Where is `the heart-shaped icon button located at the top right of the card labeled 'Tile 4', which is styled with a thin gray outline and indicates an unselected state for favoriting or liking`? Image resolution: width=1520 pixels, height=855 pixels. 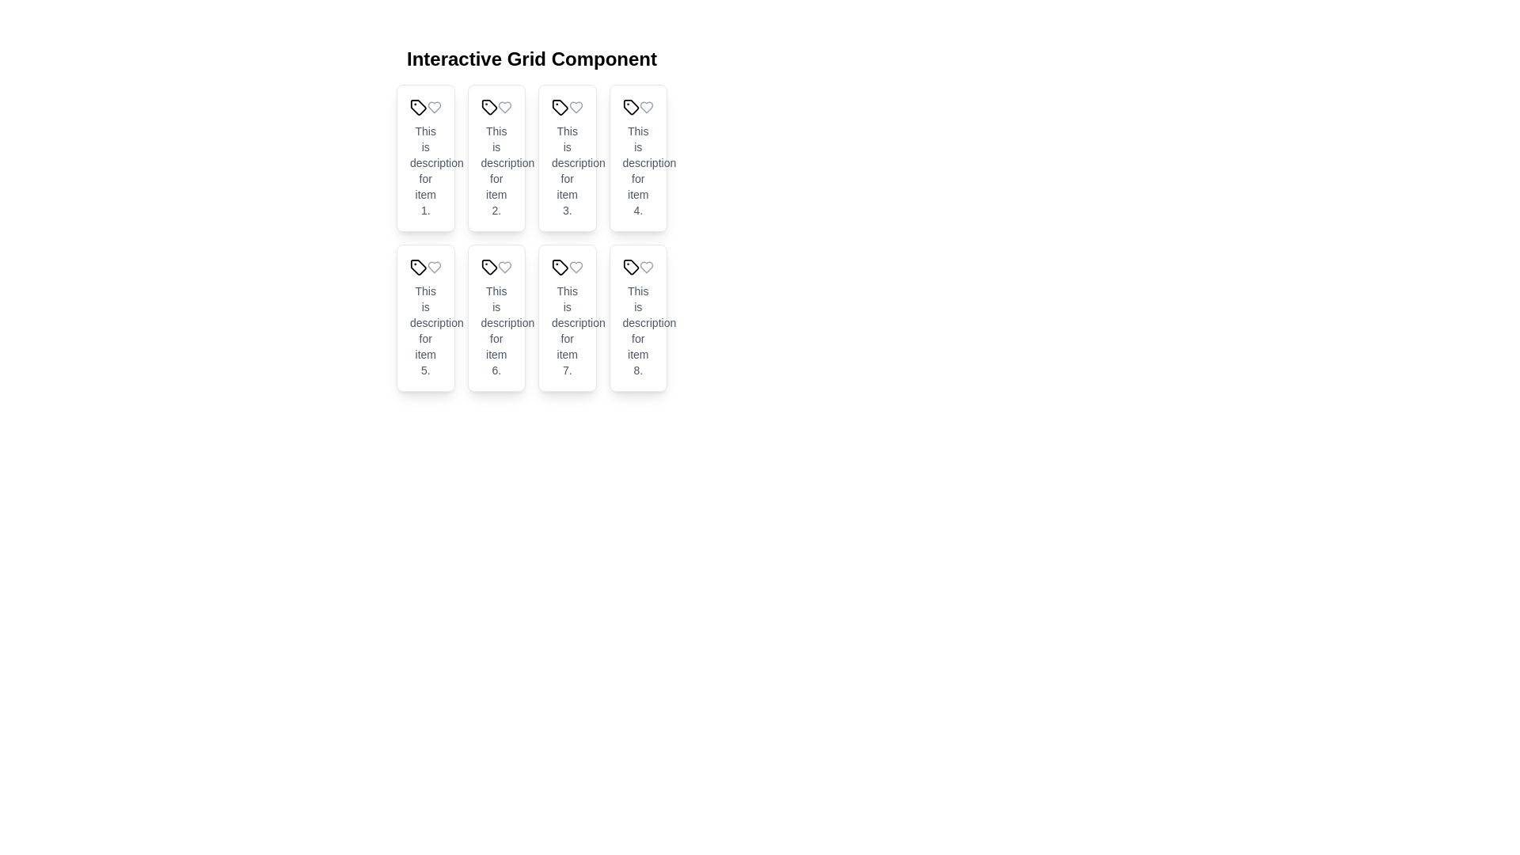 the heart-shaped icon button located at the top right of the card labeled 'Tile 4', which is styled with a thin gray outline and indicates an unselected state for favoriting or liking is located at coordinates (646, 107).